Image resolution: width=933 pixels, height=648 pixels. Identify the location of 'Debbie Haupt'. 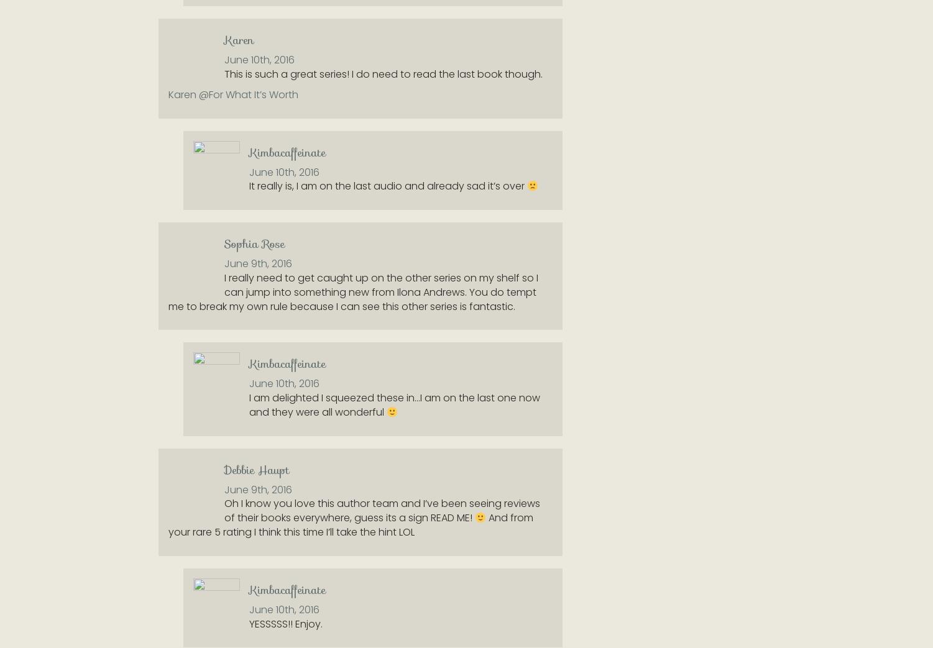
(257, 468).